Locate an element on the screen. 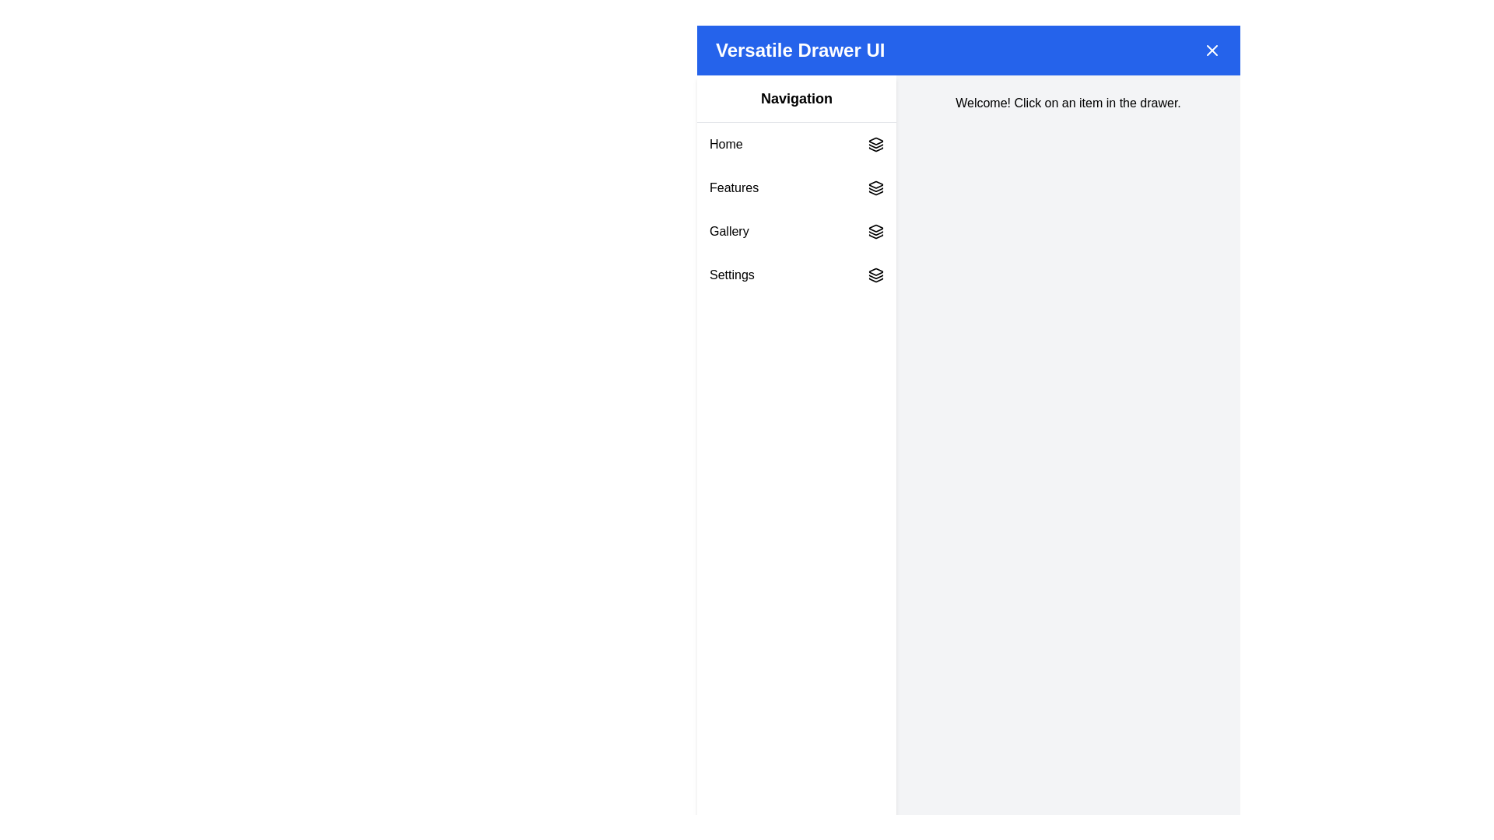 This screenshot has height=840, width=1494. the graphical icon depicting a layered geometry with a thinner middle layer, located in the navigation panel under the 'Settings' label is located at coordinates (876, 275).